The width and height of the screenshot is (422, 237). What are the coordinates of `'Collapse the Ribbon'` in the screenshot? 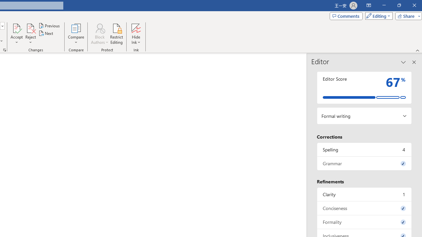 It's located at (417, 50).